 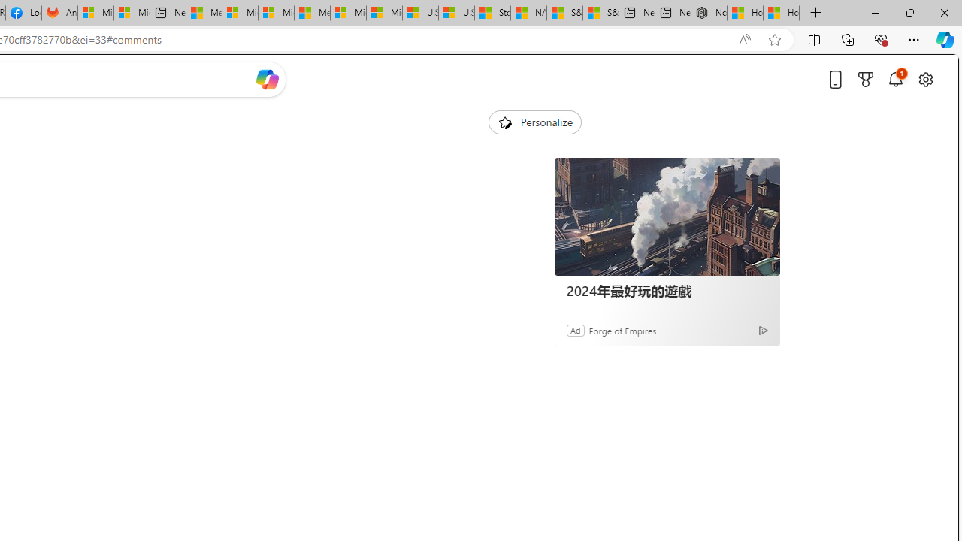 I want to click on 'Microsoft account | Home', so click(x=276, y=13).